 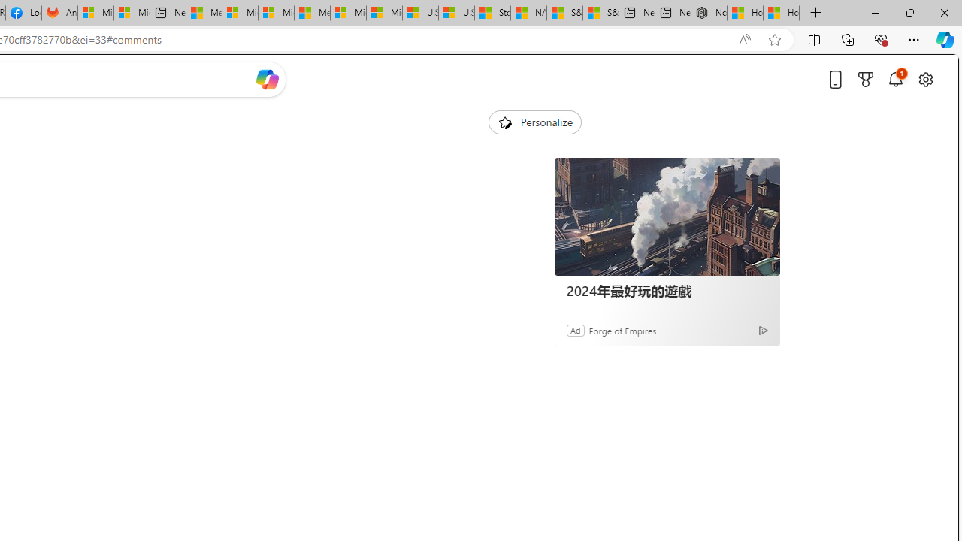 I want to click on 'Microsoft account | Home', so click(x=276, y=13).